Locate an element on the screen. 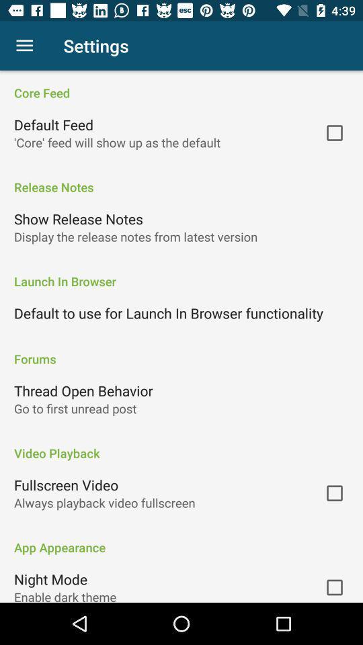  icon above forums icon is located at coordinates (169, 313).